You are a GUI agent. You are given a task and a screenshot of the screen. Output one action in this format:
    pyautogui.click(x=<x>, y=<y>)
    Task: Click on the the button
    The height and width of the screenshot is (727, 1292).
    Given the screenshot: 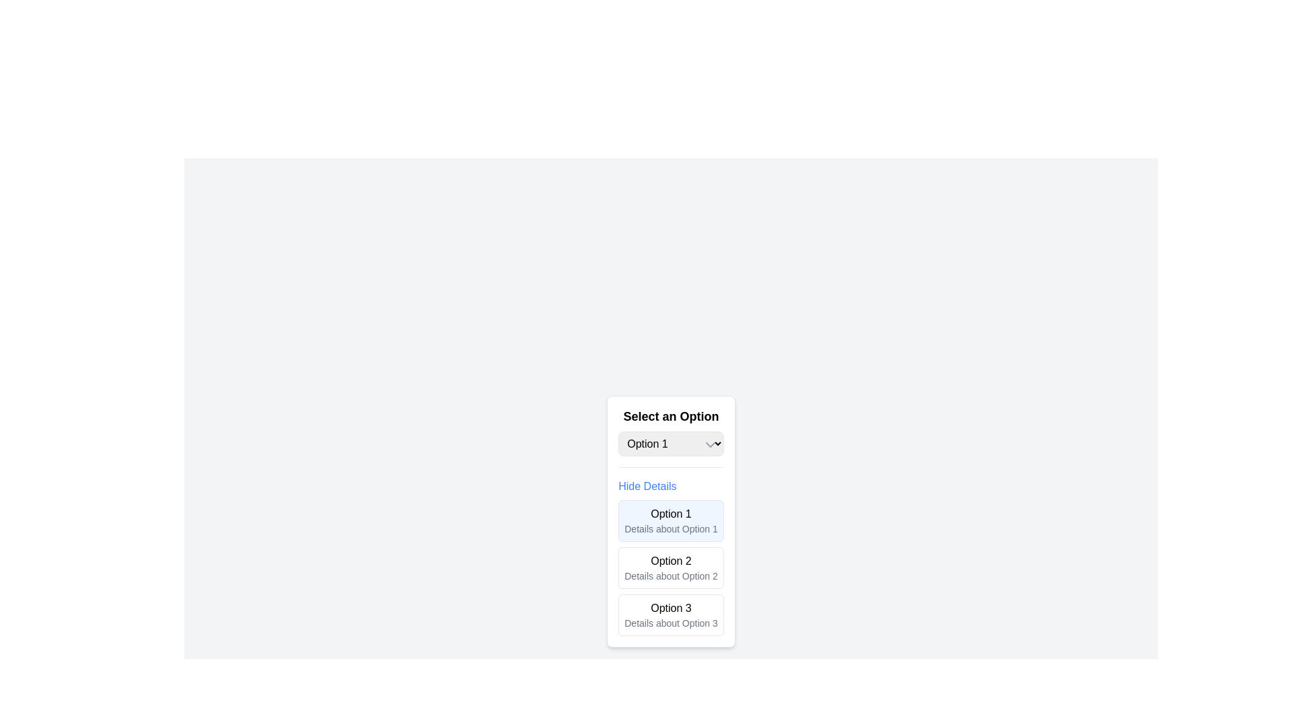 What is the action you would take?
    pyautogui.click(x=671, y=615)
    